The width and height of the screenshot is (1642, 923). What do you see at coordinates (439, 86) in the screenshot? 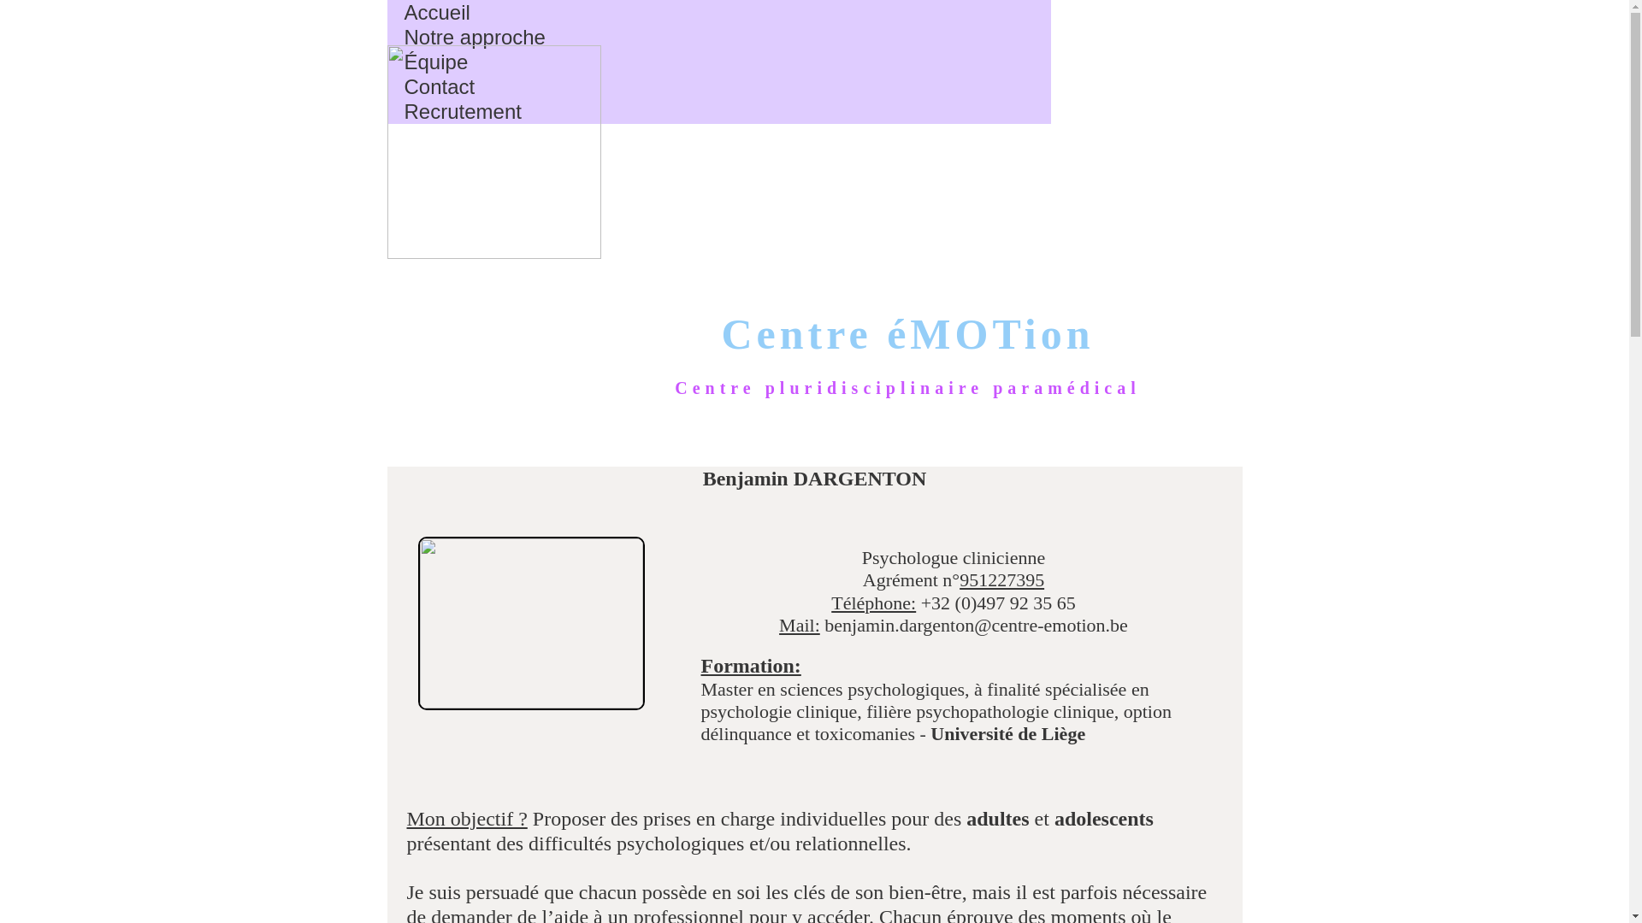
I see `'Contact'` at bounding box center [439, 86].